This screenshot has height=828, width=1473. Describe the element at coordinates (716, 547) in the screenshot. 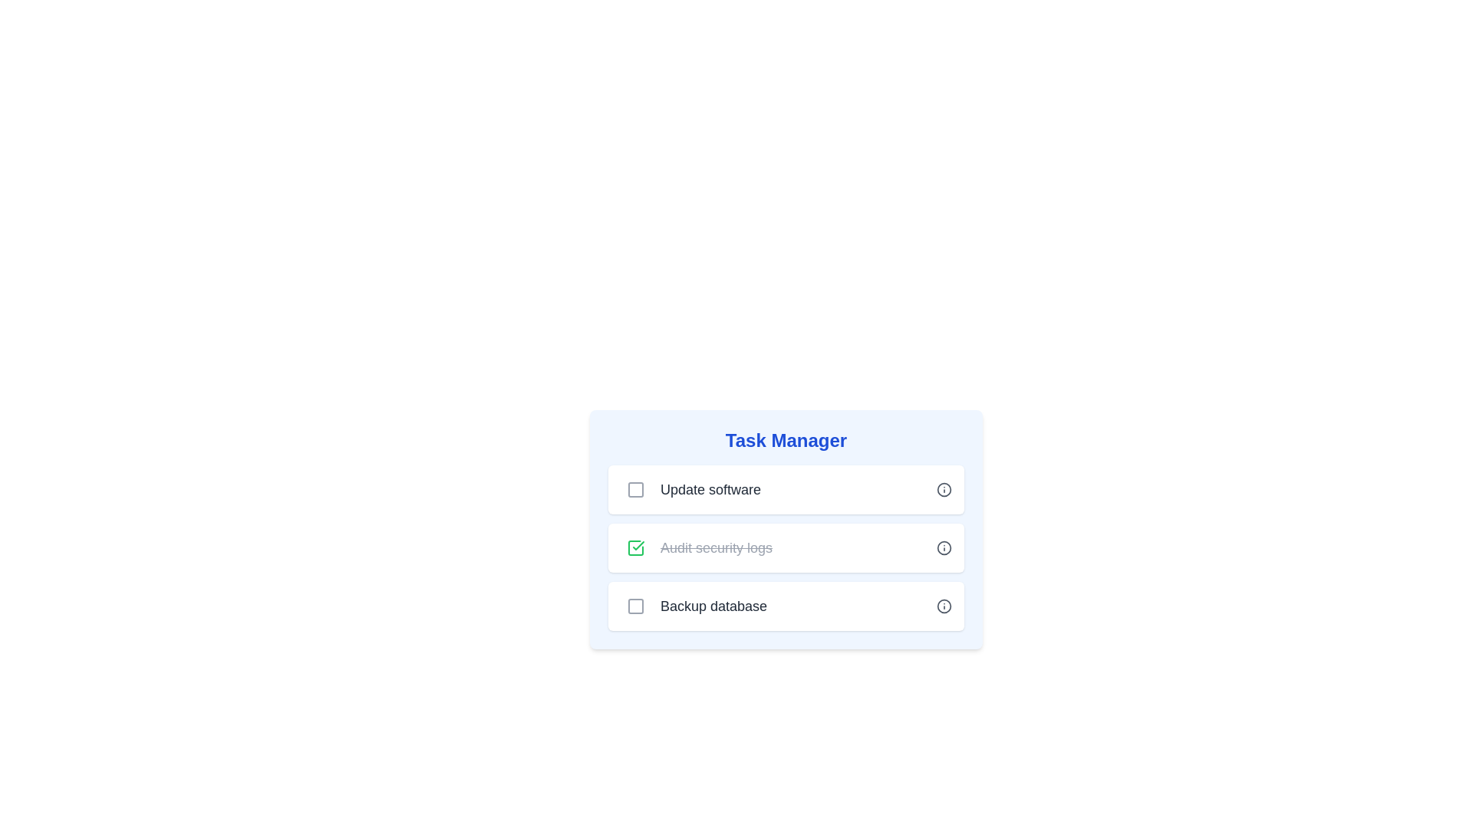

I see `text from the 'Audit security logs' label, which is marked as completed with a strikethrough style in the task manager interface` at that location.